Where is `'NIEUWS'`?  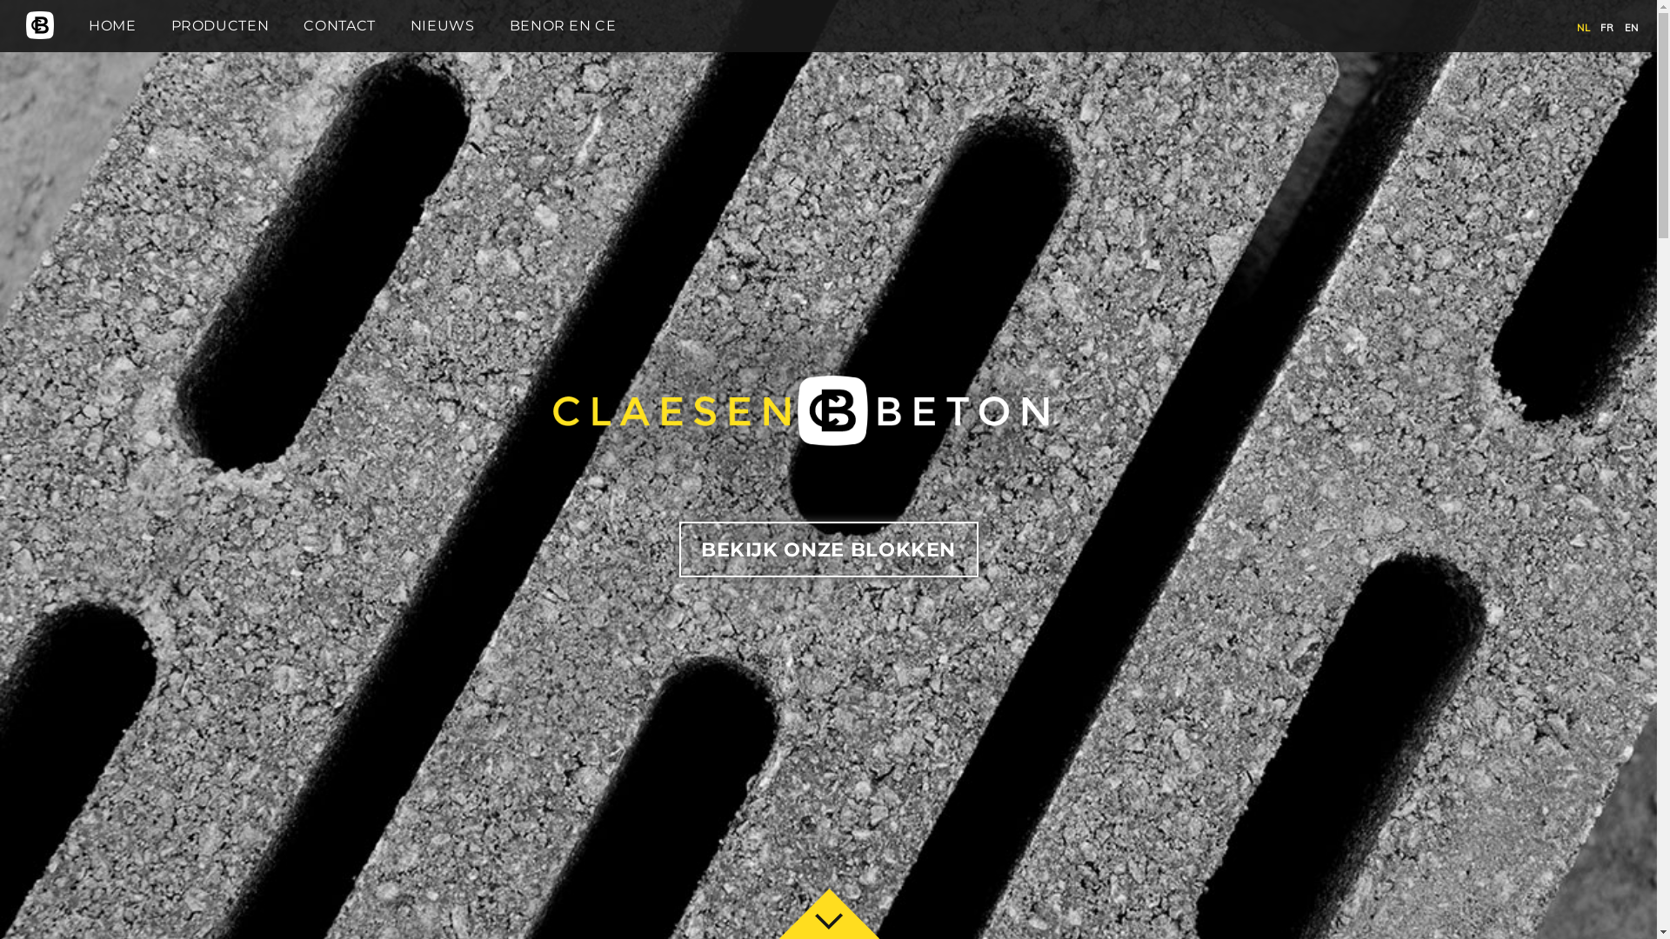 'NIEUWS' is located at coordinates (442, 25).